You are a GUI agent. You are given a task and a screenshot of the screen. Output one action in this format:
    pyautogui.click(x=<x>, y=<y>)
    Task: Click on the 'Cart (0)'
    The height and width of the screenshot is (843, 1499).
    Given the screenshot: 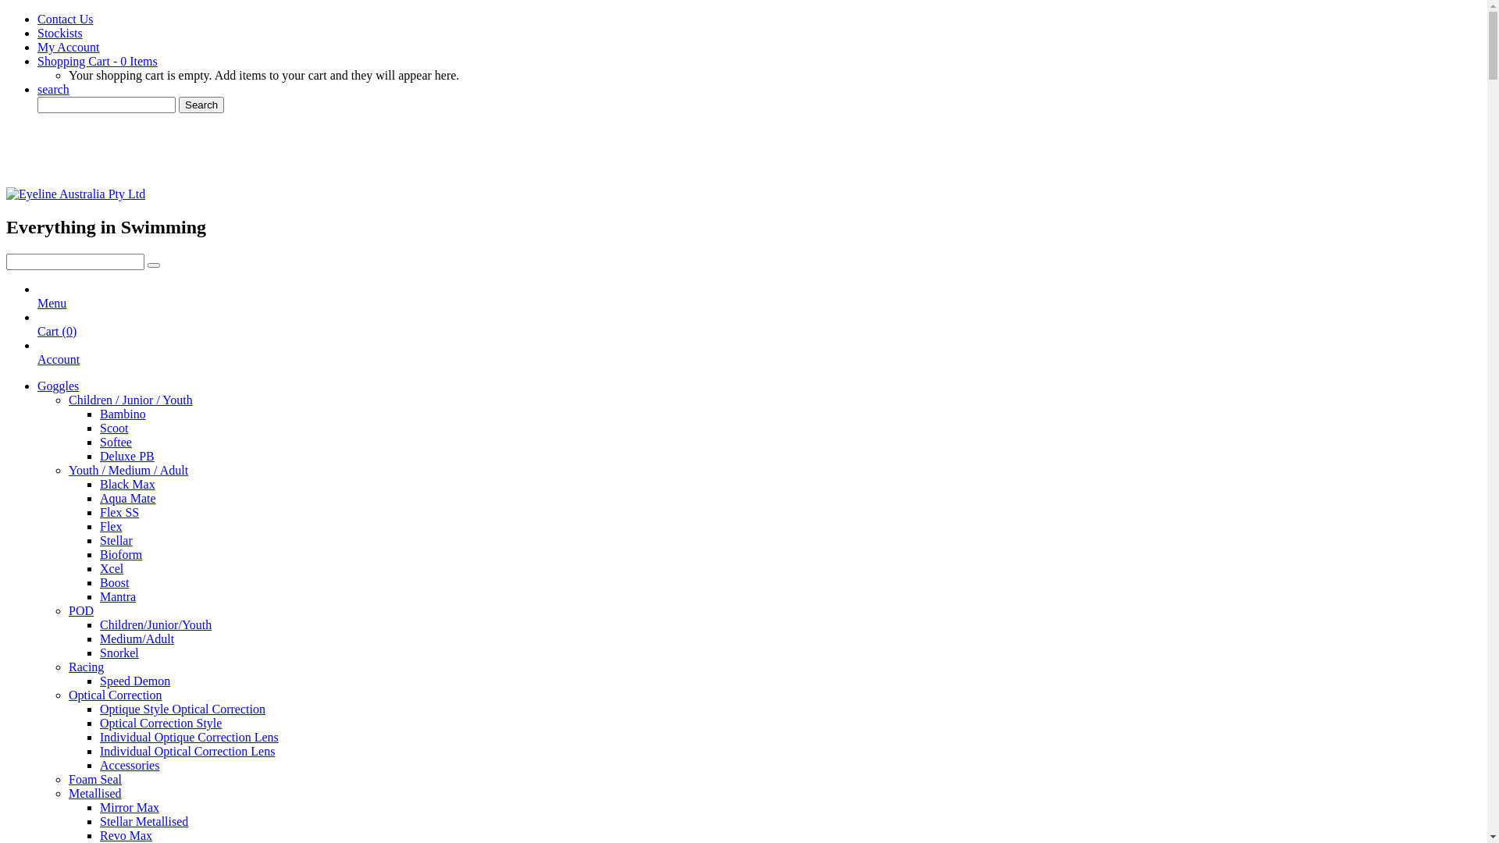 What is the action you would take?
    pyautogui.click(x=56, y=337)
    